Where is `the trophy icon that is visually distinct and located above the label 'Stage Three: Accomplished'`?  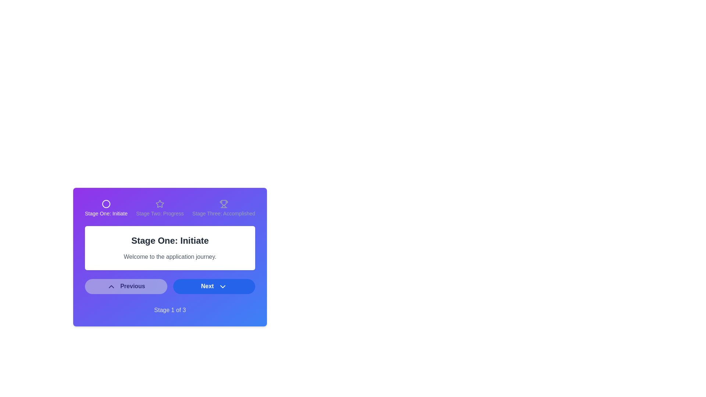
the trophy icon that is visually distinct and located above the label 'Stage Three: Accomplished' is located at coordinates (223, 204).